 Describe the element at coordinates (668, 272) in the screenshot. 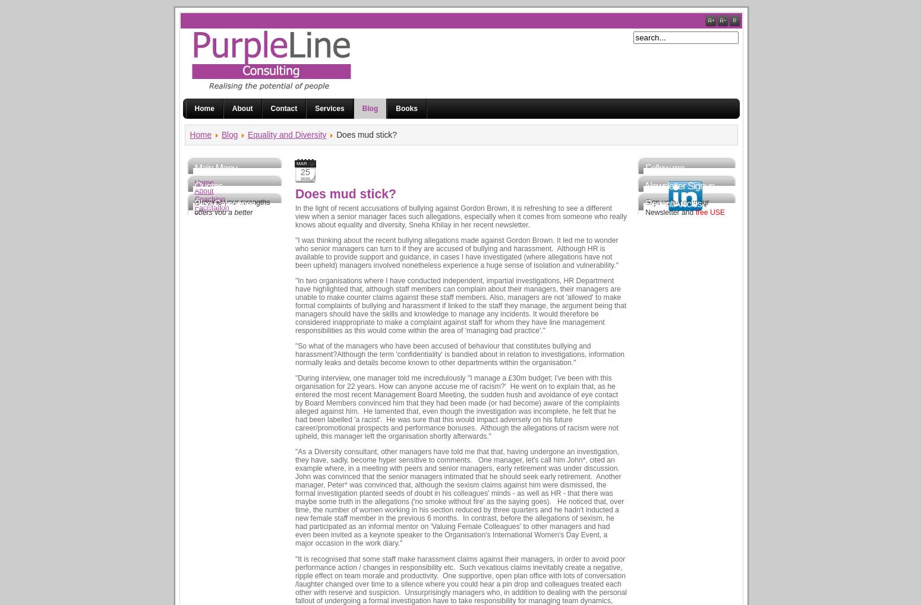

I see `'Email Address:'` at that location.